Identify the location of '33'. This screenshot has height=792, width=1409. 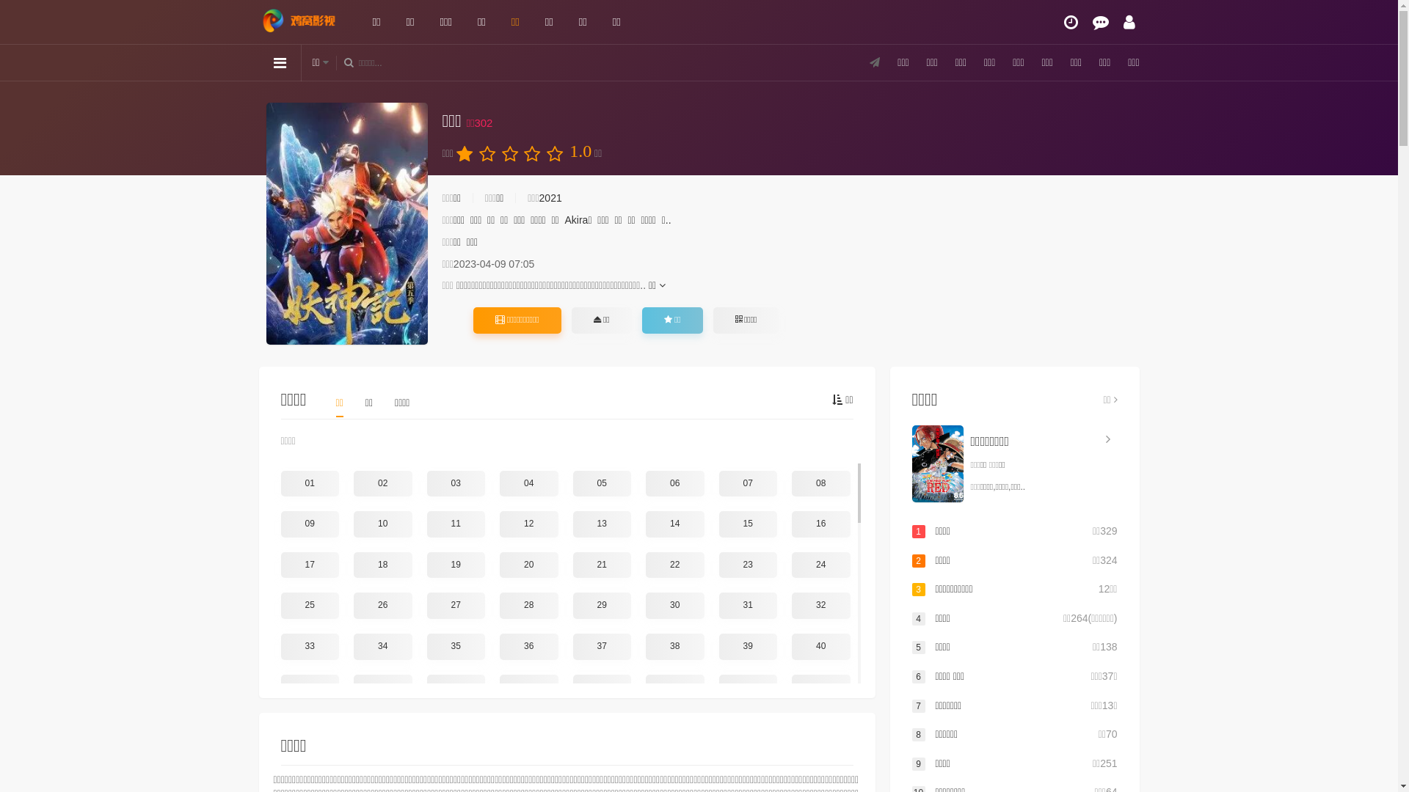
(309, 646).